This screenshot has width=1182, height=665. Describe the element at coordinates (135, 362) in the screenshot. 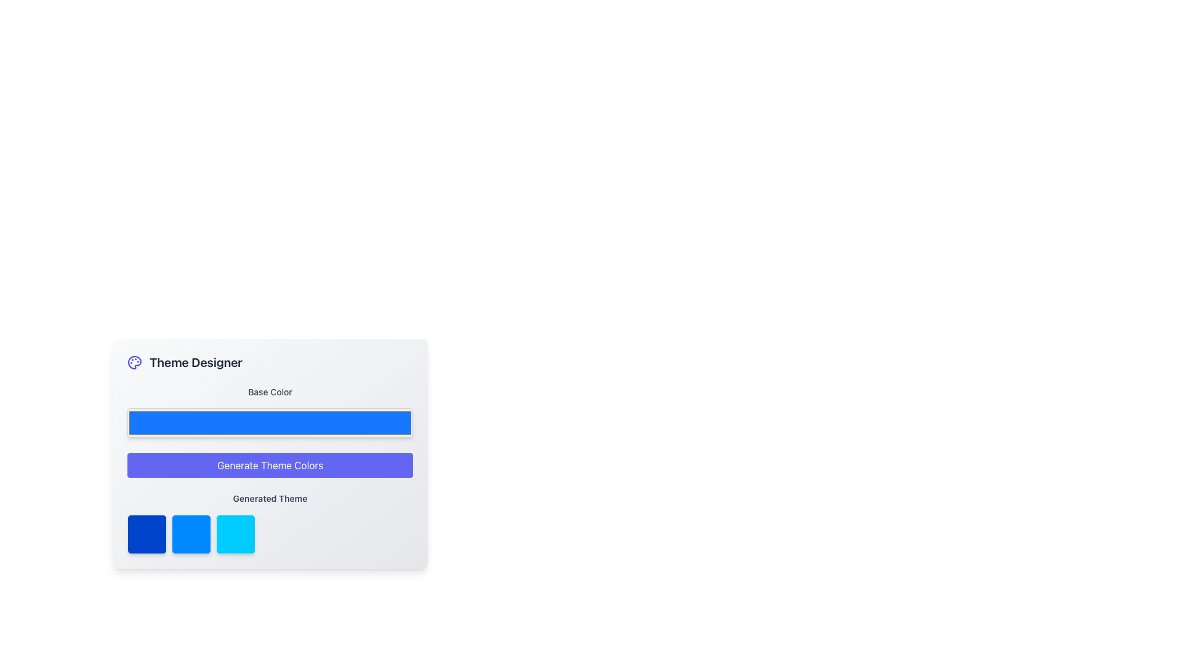

I see `the main circular part of the SVG palette icon in the 'Theme Designer' section using alternate input devices` at that location.